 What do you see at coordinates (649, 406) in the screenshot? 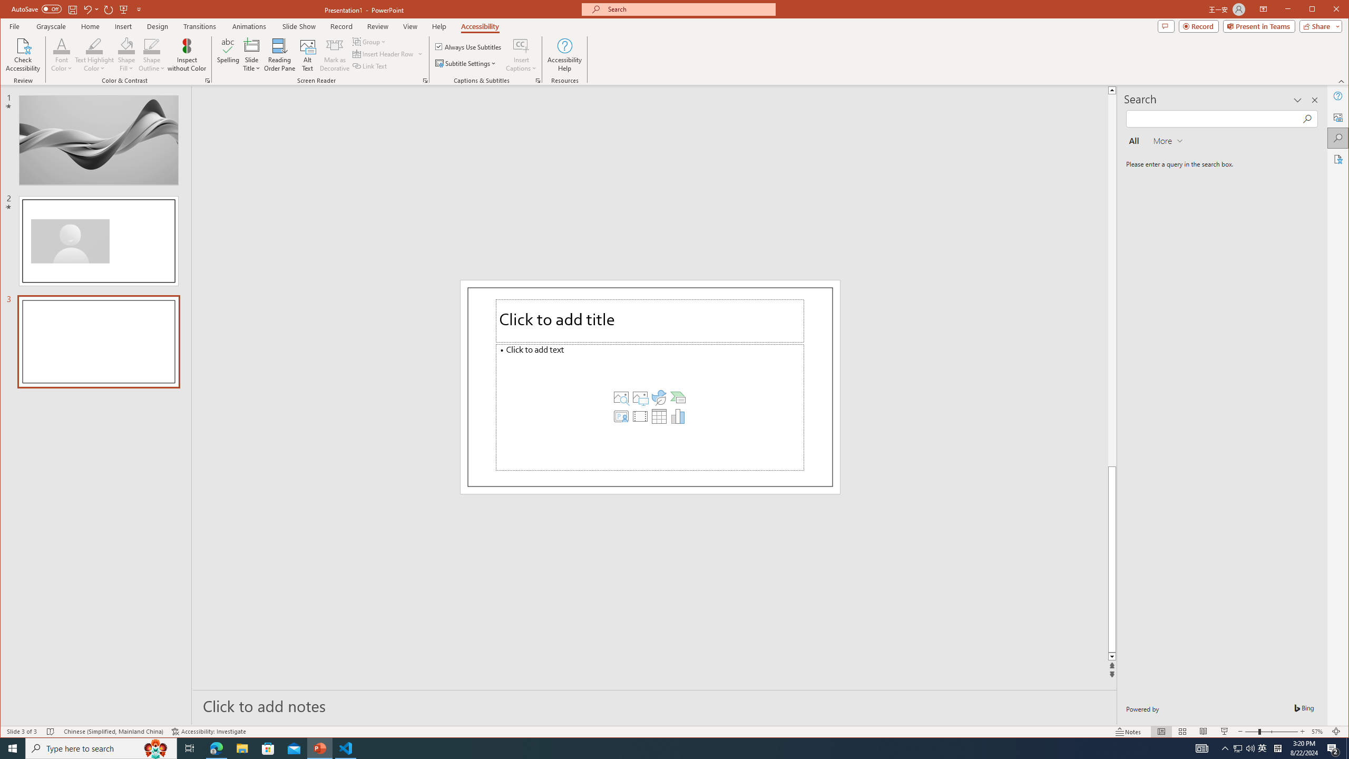
I see `'Content Placeholder'` at bounding box center [649, 406].